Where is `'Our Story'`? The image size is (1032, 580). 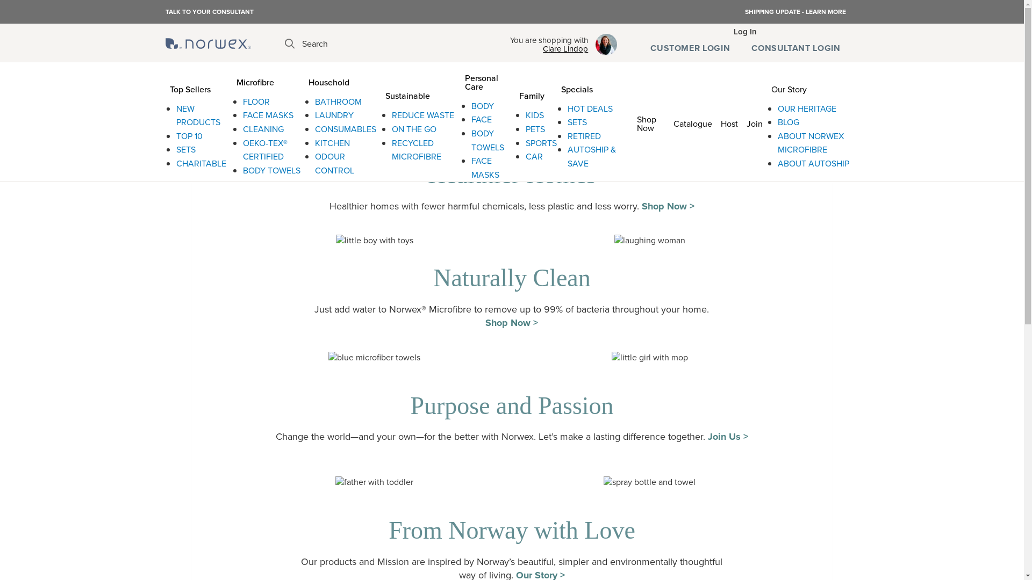 'Our Story' is located at coordinates (766, 87).